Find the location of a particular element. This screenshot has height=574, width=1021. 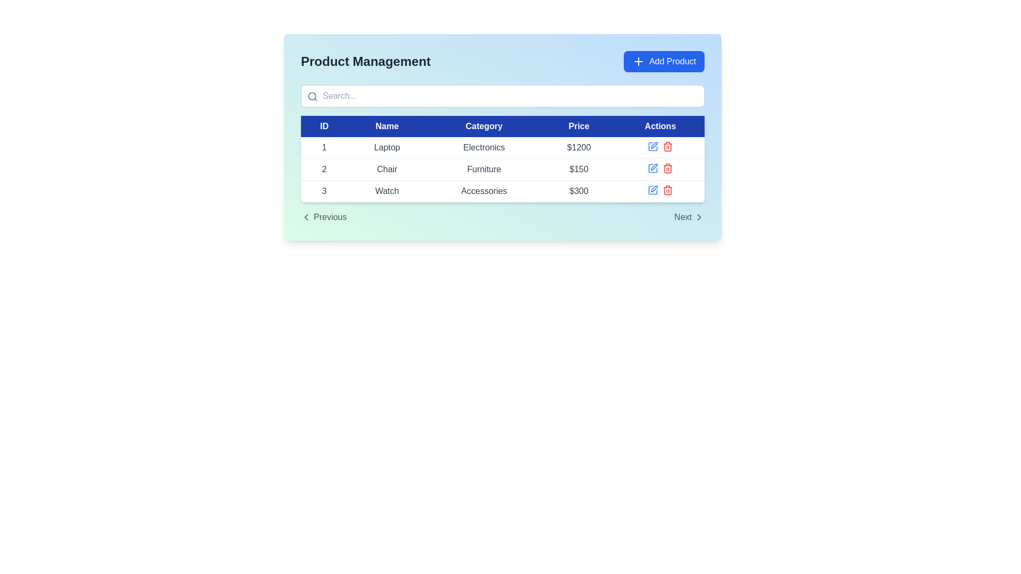

the static text displaying the digit '1' located in the first row and first column of the table under the 'ID' header is located at coordinates (323, 148).